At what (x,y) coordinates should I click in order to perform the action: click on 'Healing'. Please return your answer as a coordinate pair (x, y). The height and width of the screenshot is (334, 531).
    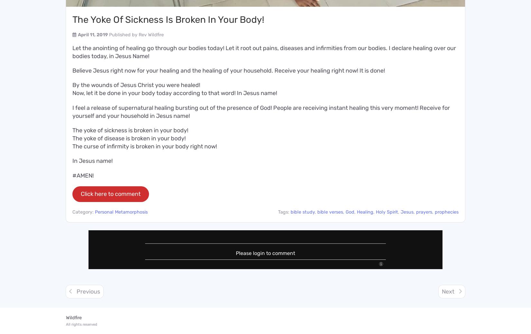
    Looking at the image, I should click on (365, 212).